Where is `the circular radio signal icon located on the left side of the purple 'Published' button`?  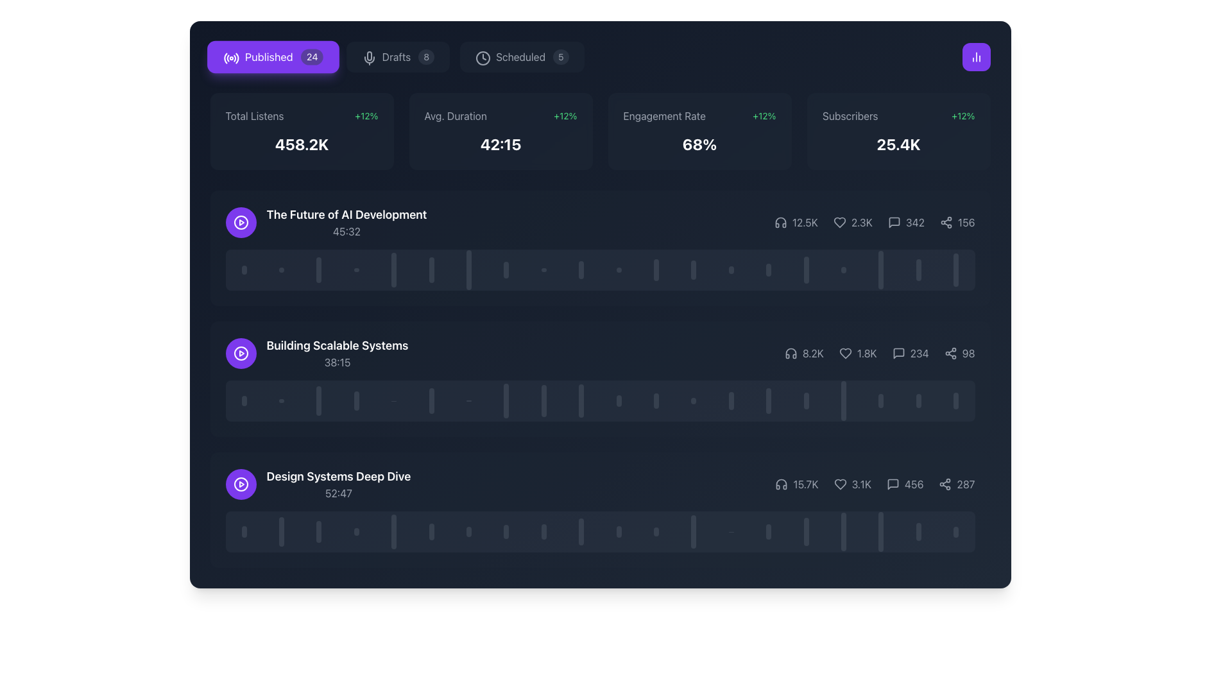 the circular radio signal icon located on the left side of the purple 'Published' button is located at coordinates (230, 56).